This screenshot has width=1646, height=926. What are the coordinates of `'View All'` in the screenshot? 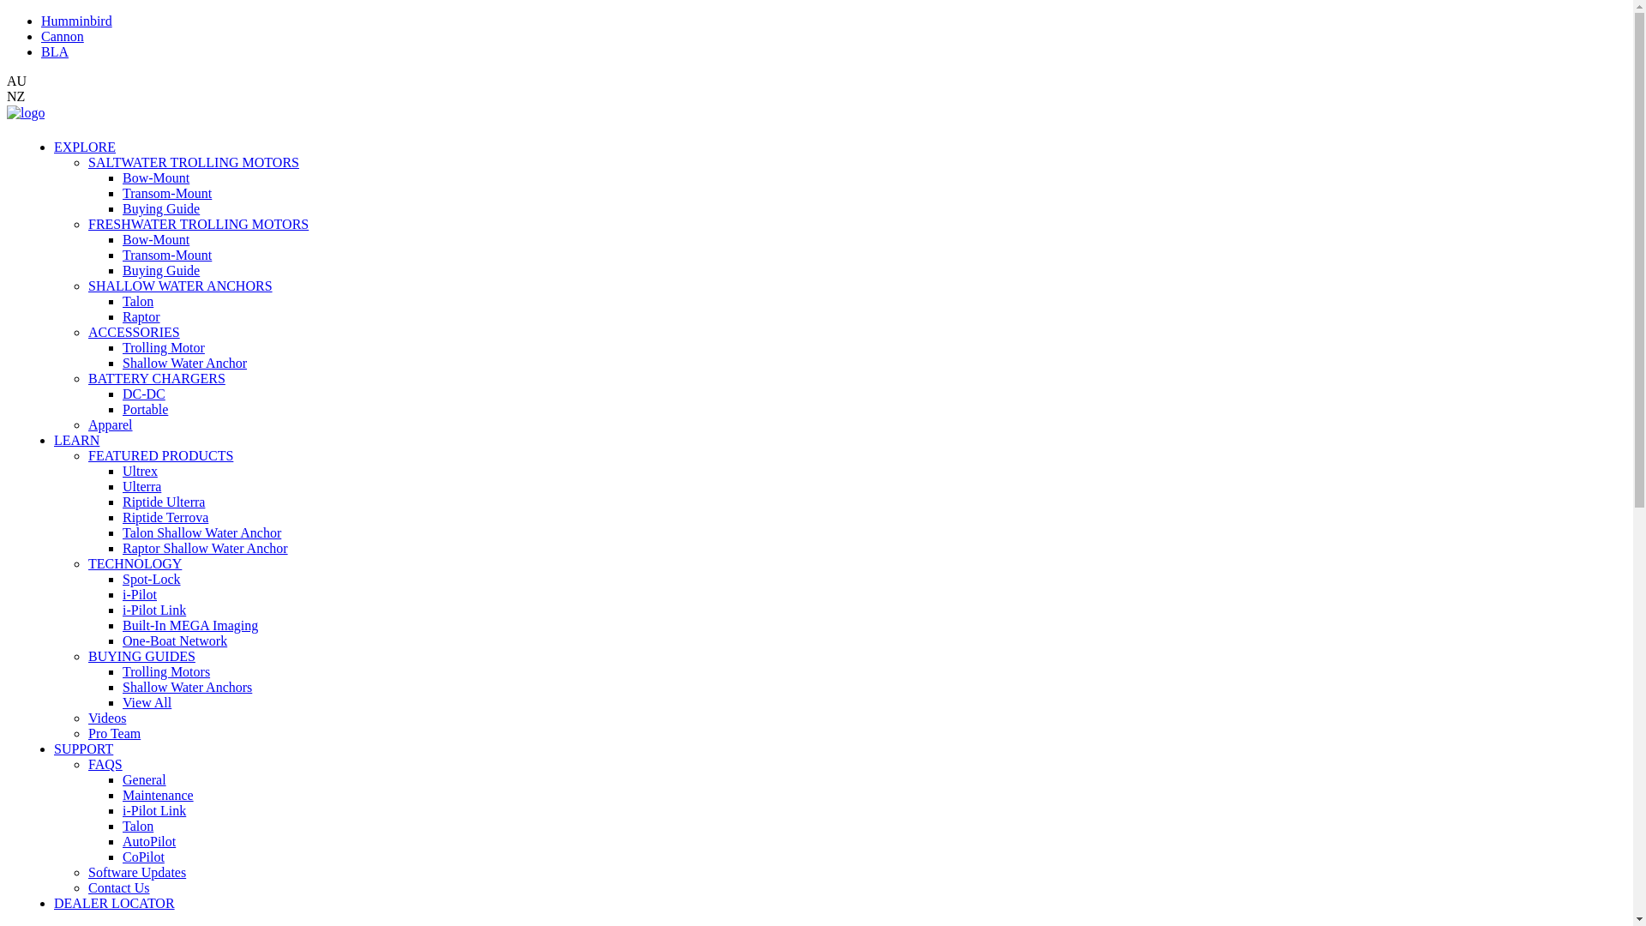 It's located at (147, 702).